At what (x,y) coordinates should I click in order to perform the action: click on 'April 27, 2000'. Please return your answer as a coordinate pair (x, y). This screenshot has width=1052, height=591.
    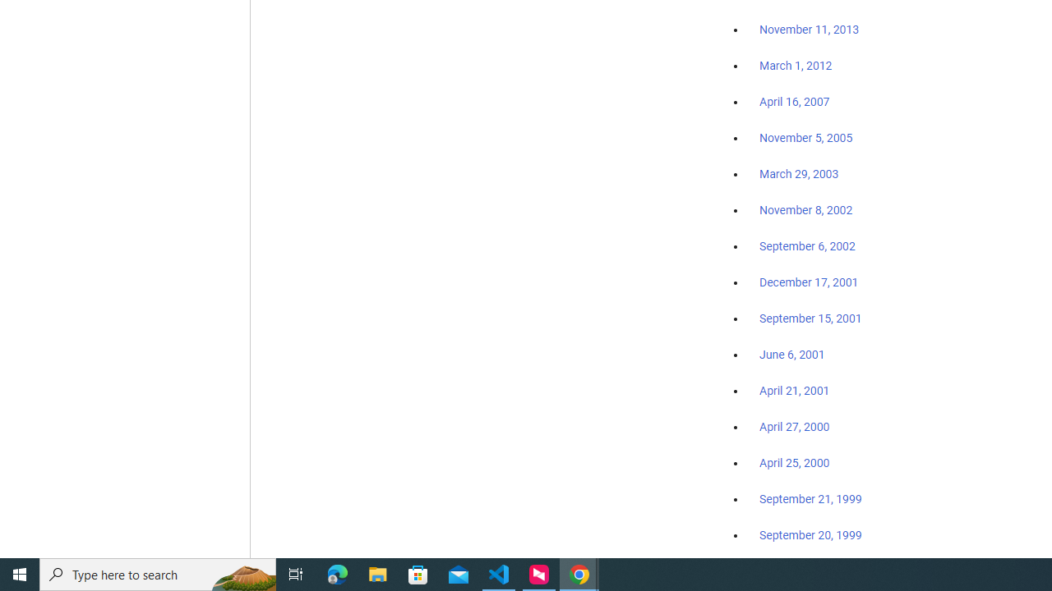
    Looking at the image, I should click on (795, 426).